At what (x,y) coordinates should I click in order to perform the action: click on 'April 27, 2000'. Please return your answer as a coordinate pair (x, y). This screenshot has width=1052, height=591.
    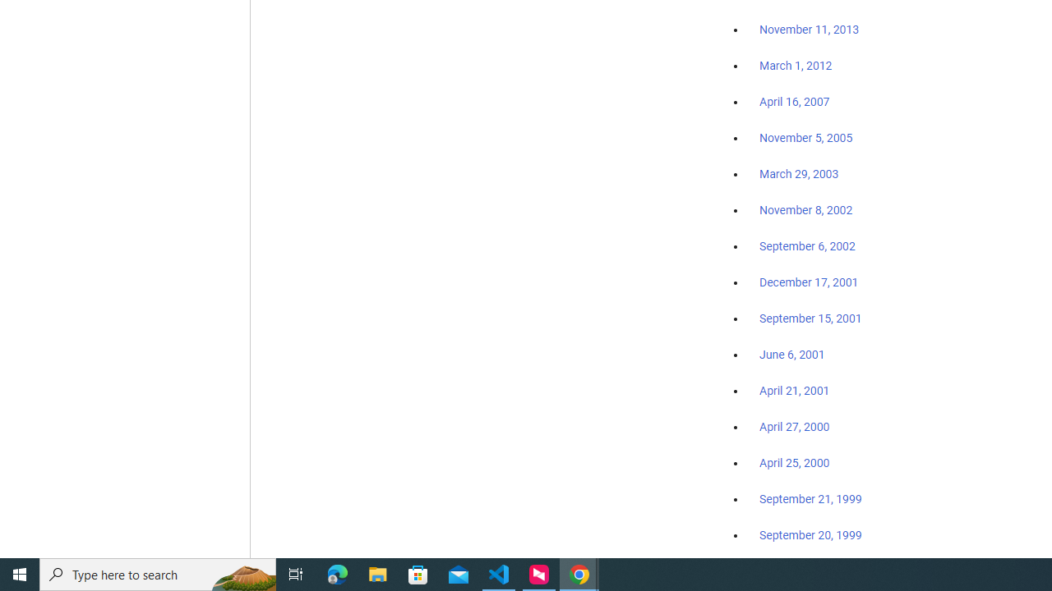
    Looking at the image, I should click on (795, 426).